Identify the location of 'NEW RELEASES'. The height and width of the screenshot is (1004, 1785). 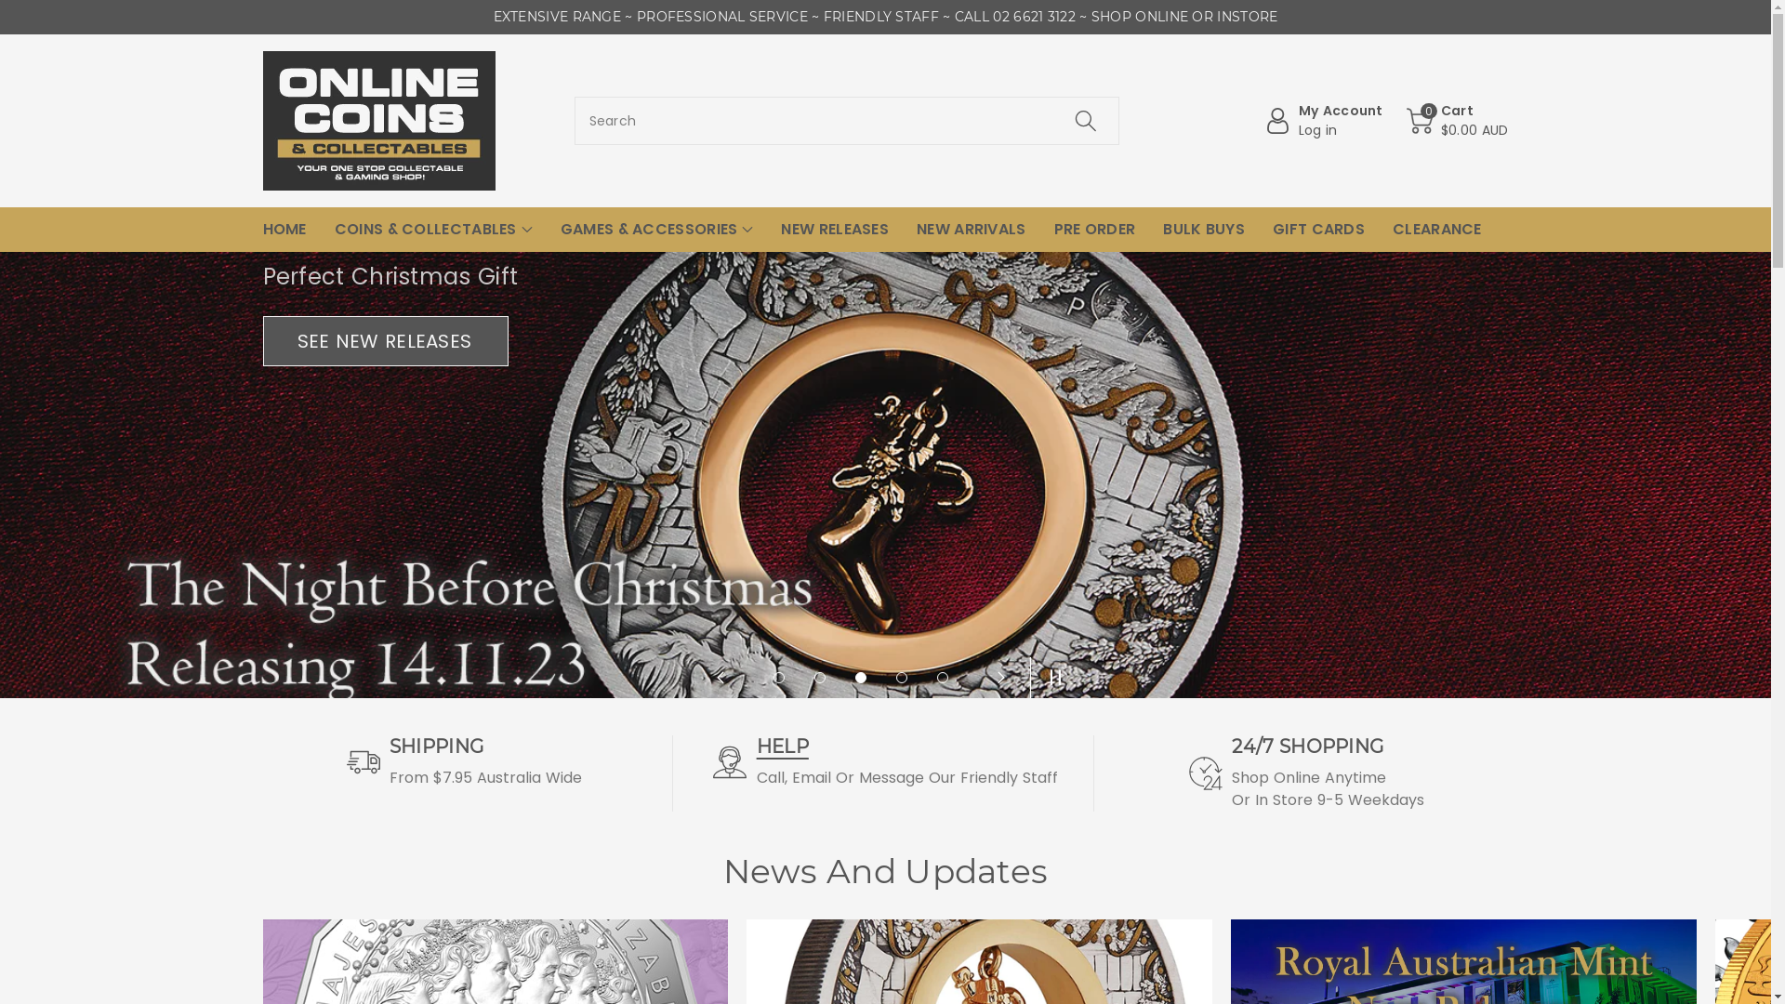
(833, 228).